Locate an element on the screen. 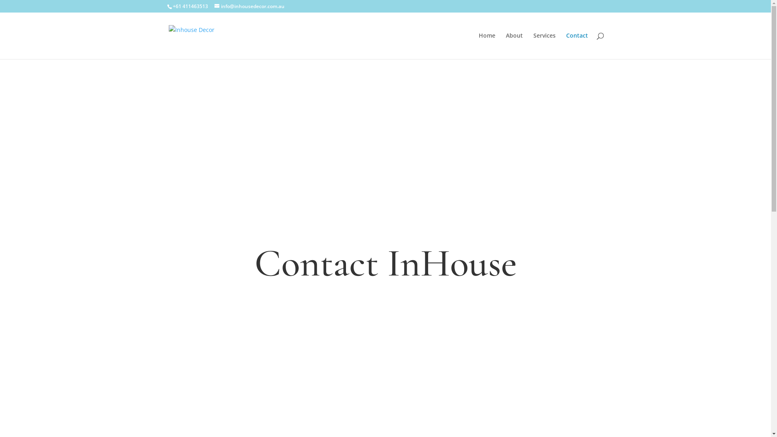 The height and width of the screenshot is (437, 777). 'Contact' is located at coordinates (576, 46).